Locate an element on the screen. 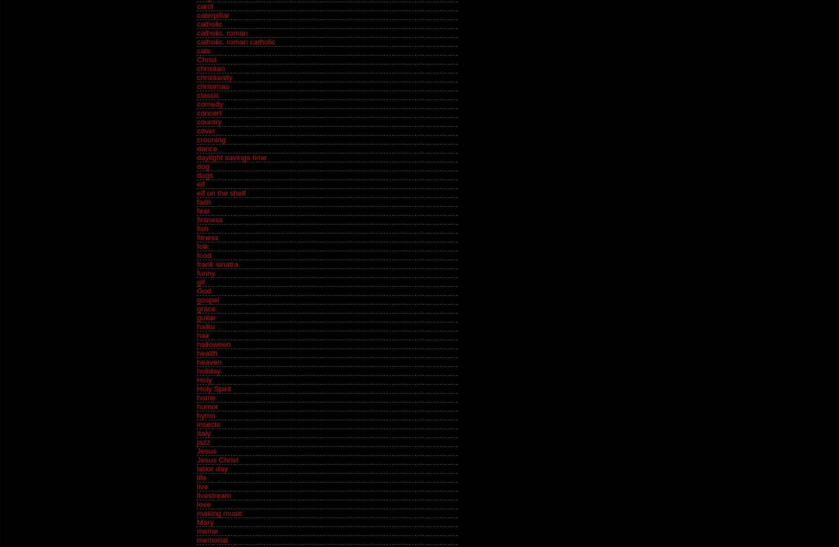 This screenshot has height=547, width=839. 'grace' is located at coordinates (205, 308).